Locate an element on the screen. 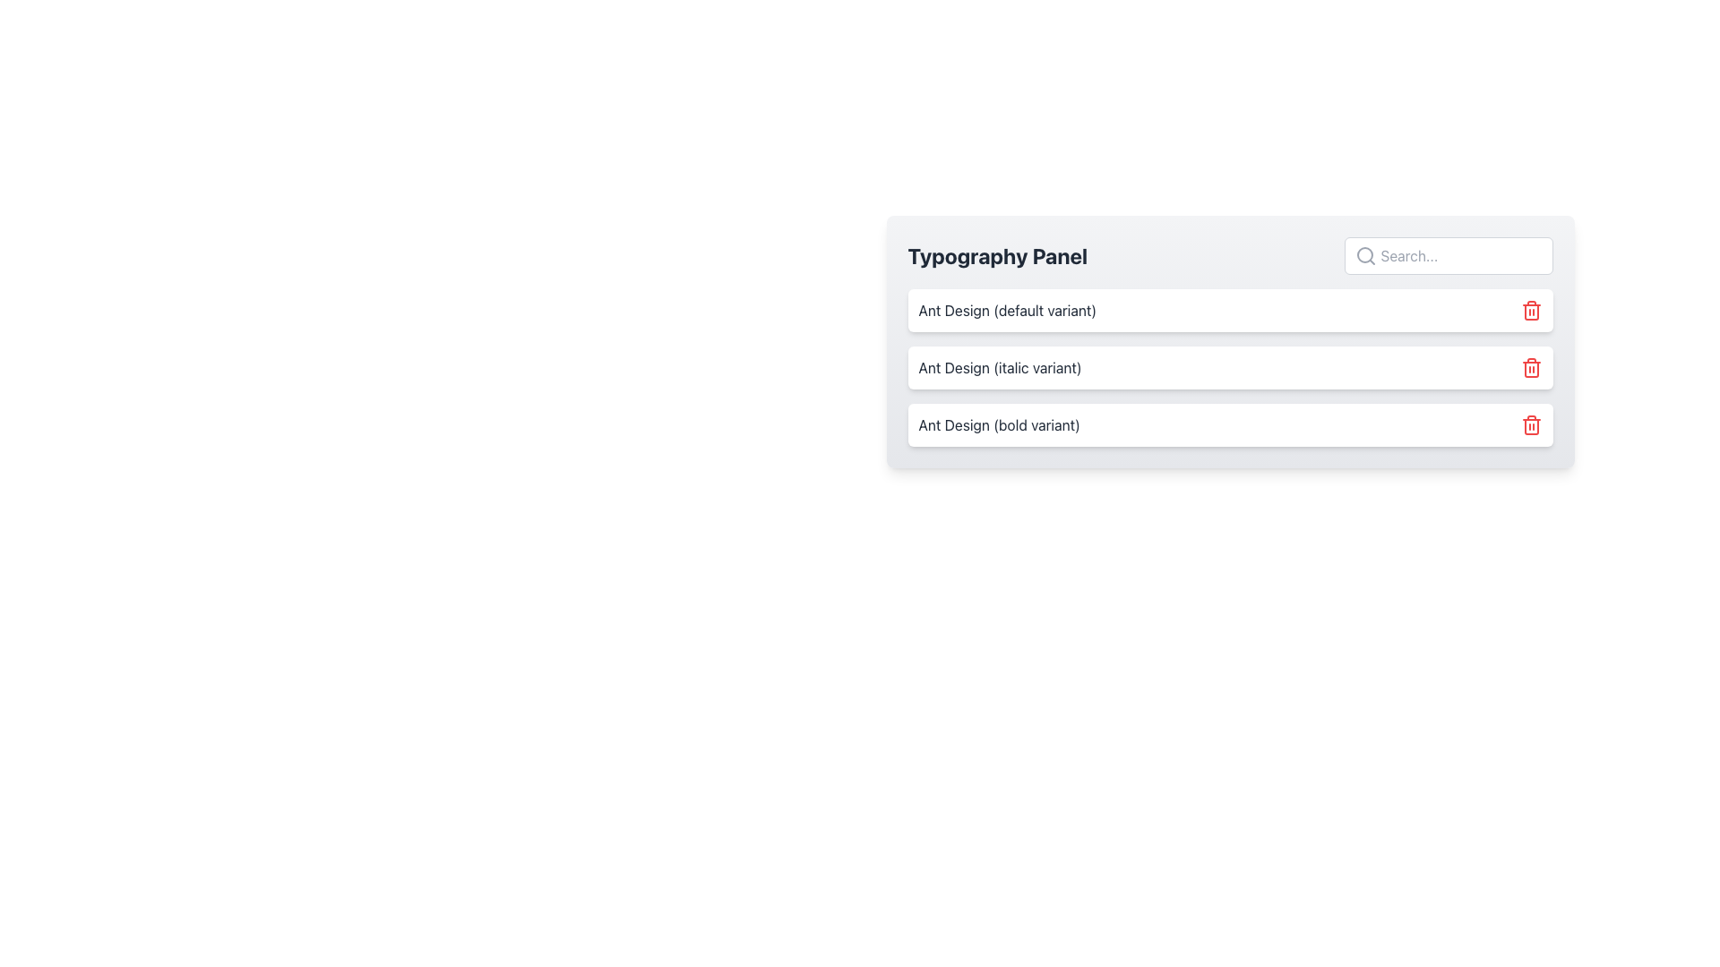 This screenshot has width=1720, height=967. the lens of the magnifying glass icon in the top-right input field of the Typography Panel, which serves as a decorative graphical component for the search feature is located at coordinates (1363, 255).